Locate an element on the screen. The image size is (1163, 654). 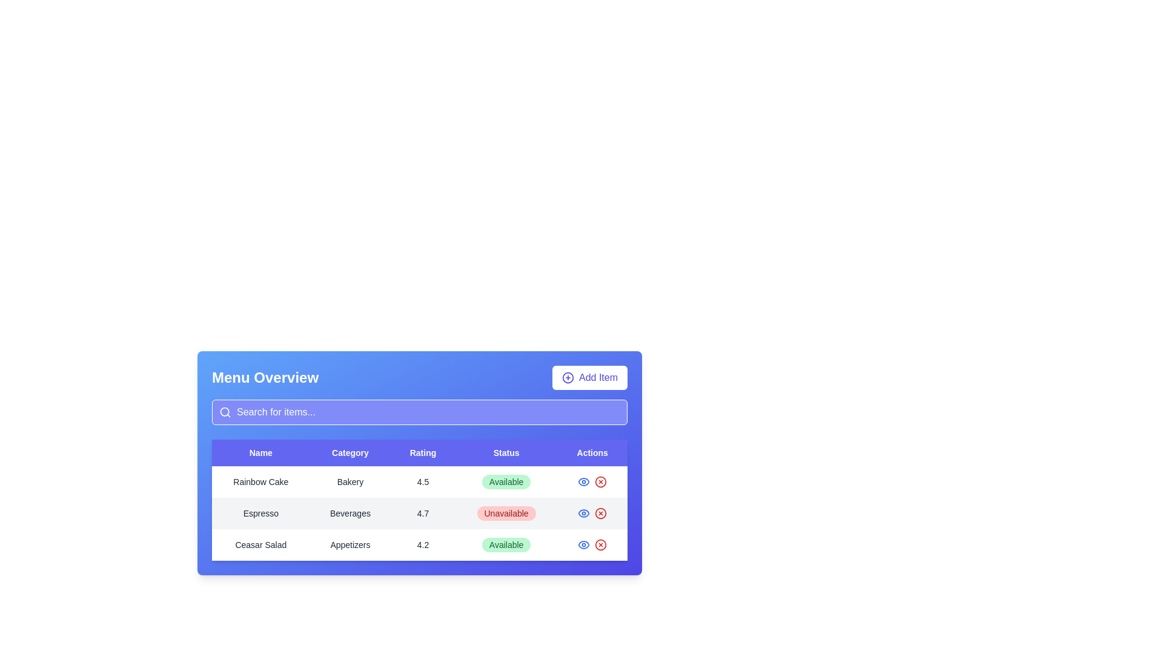
the static text label element that reads 'Rating,' which is styled with centered white text on a purple background and positioned in the header row of a table is located at coordinates (423, 453).